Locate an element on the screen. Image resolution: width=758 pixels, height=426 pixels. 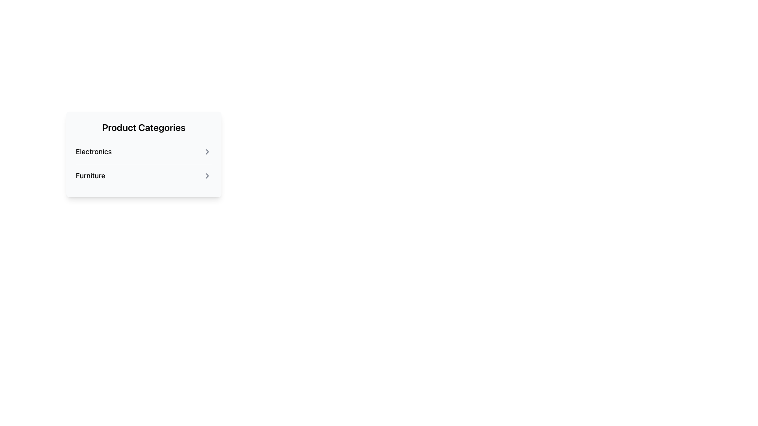
the 'Furniture' list item, which is located in the second row of the vertical list under 'Product Categories' is located at coordinates (144, 176).